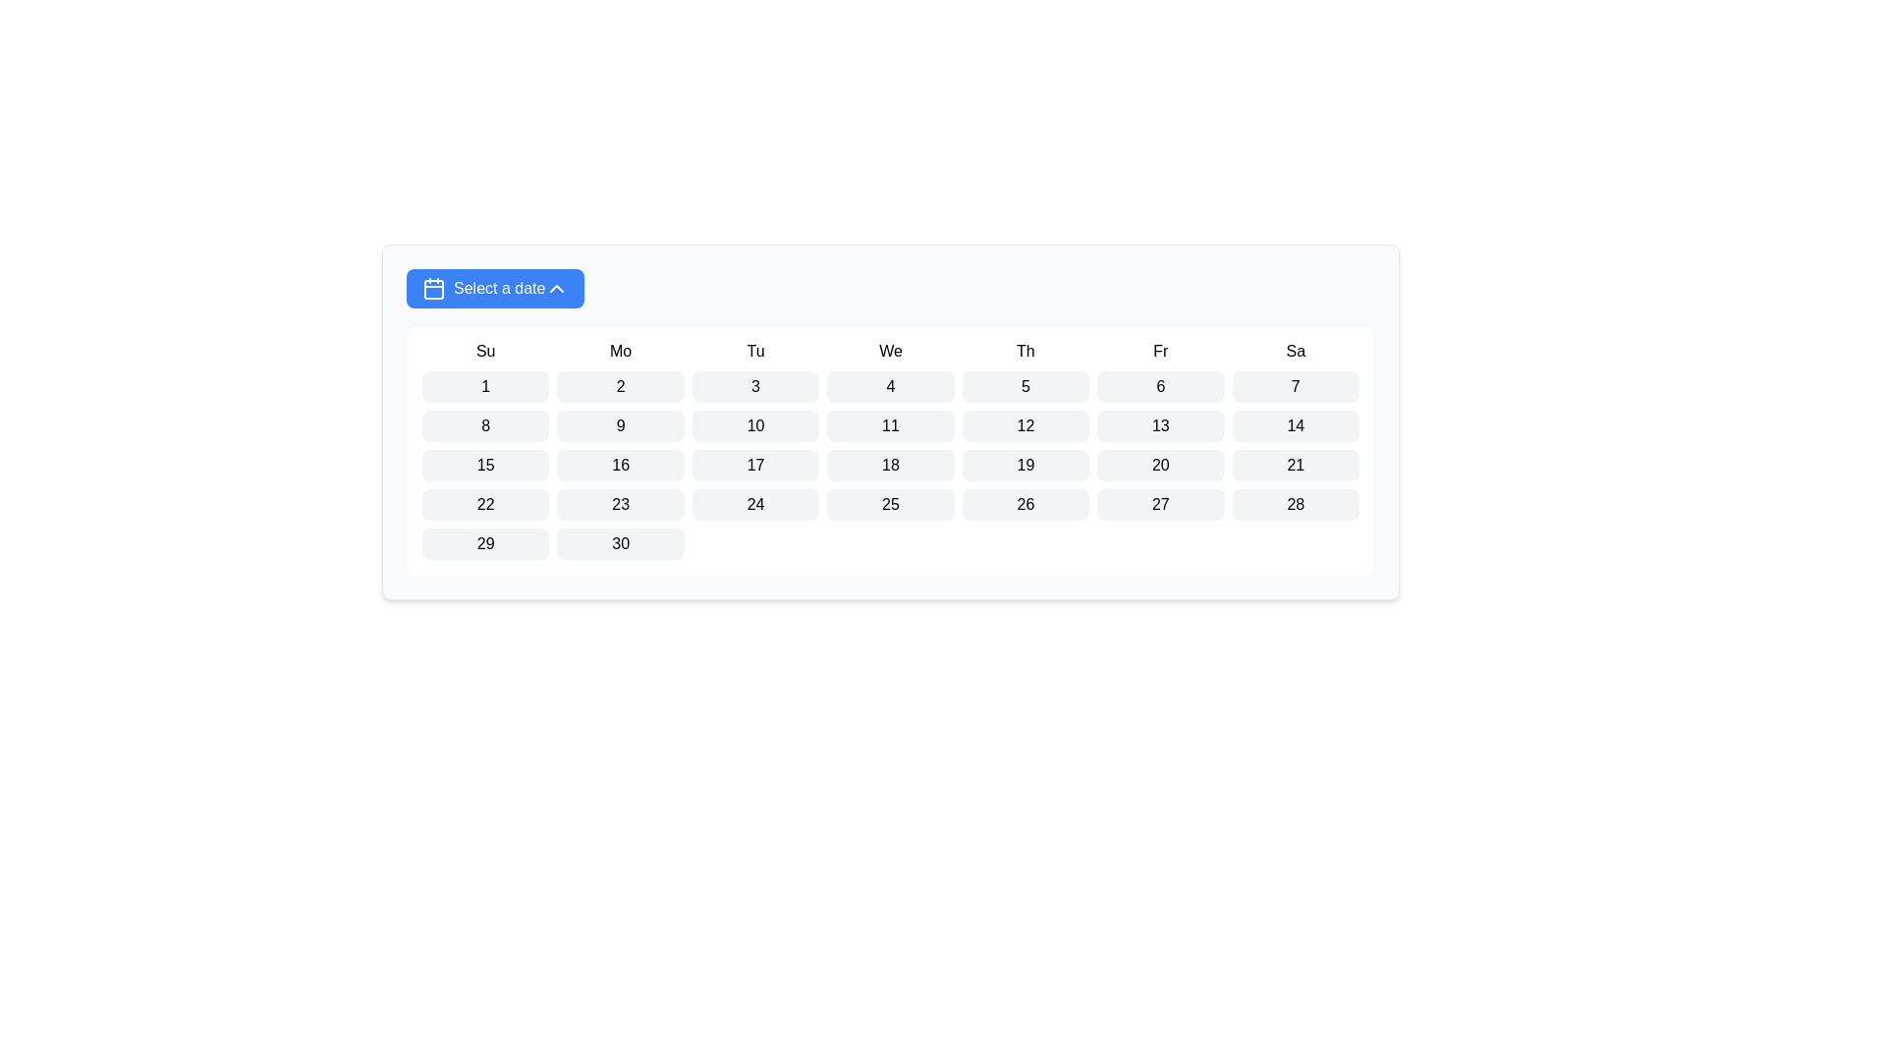 The image size is (1886, 1061). Describe the element at coordinates (1025, 351) in the screenshot. I see `text label 'Th' in the calendar header row, which is styled in medium font weight and centered alignment, located in the fifth cell after 'Su', 'Mo', 'Tu', and 'We'` at that location.